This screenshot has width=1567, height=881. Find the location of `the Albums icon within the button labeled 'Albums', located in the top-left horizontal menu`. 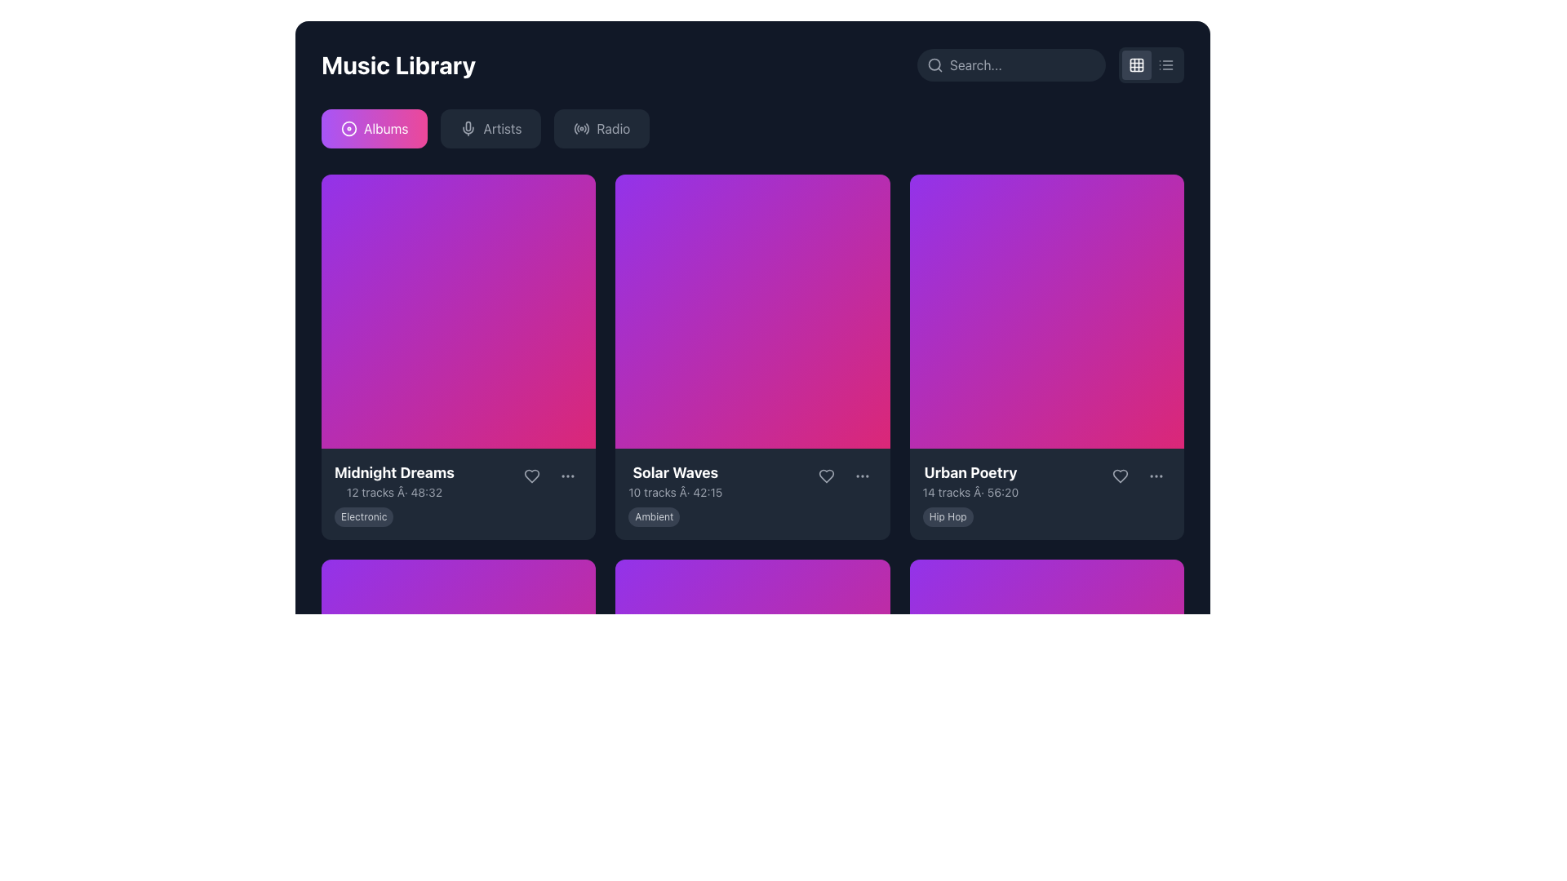

the Albums icon within the button labeled 'Albums', located in the top-left horizontal menu is located at coordinates (348, 128).